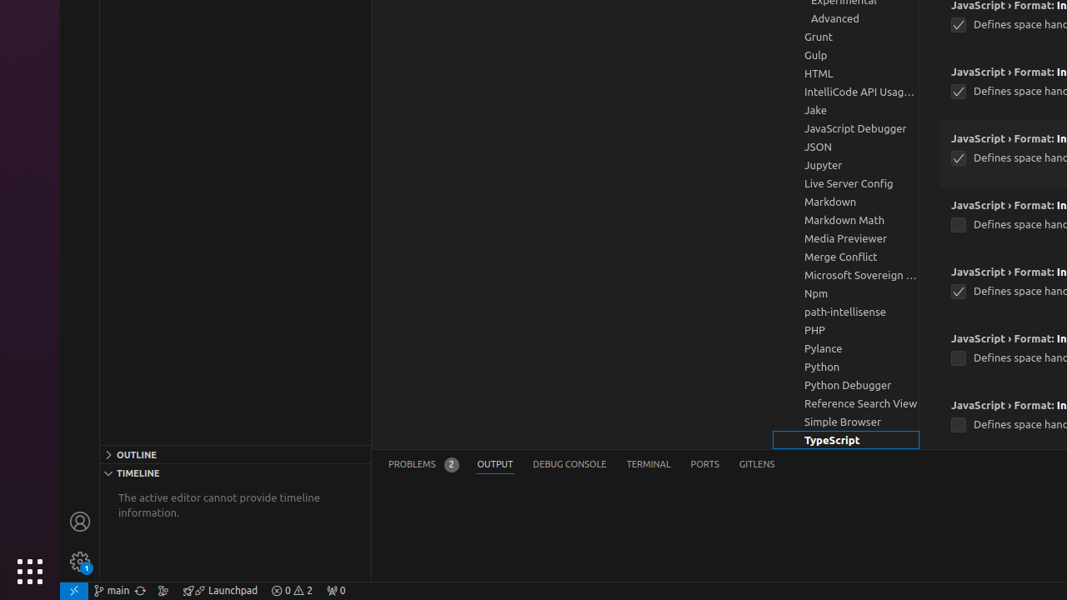  Describe the element at coordinates (73, 589) in the screenshot. I see `'remote'` at that location.